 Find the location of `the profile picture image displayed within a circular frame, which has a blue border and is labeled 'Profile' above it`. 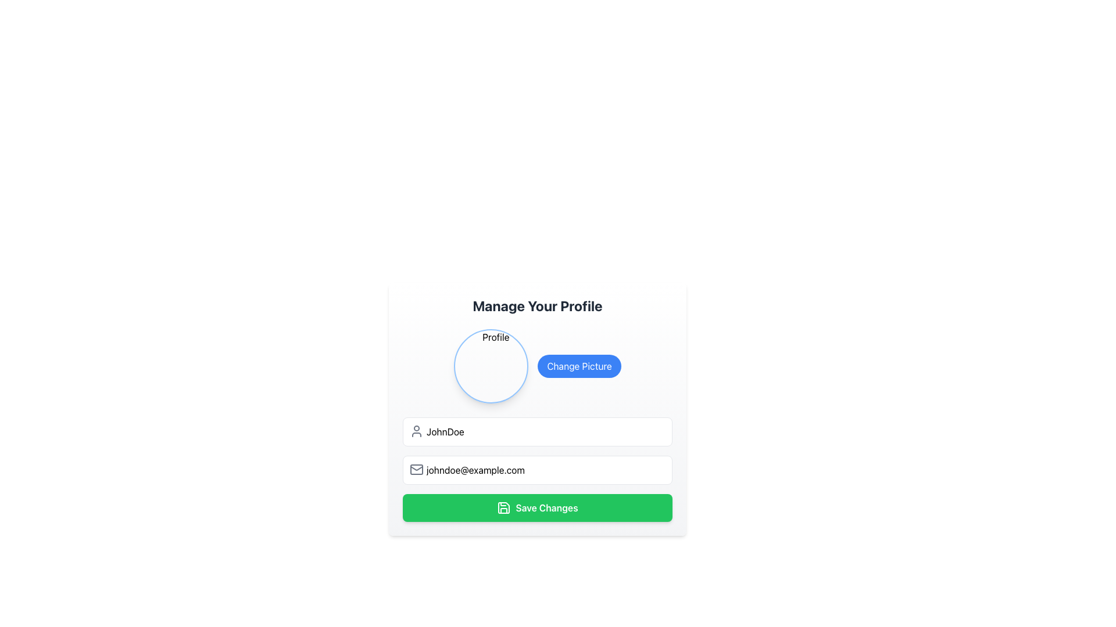

the profile picture image displayed within a circular frame, which has a blue border and is labeled 'Profile' above it is located at coordinates (491, 366).